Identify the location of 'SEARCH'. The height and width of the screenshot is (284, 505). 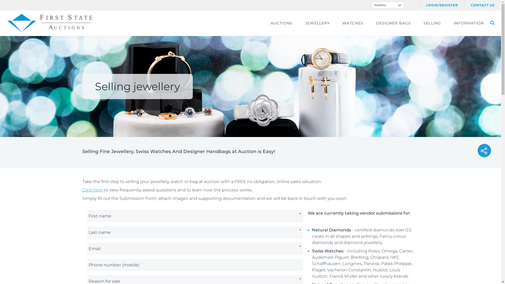
(492, 23).